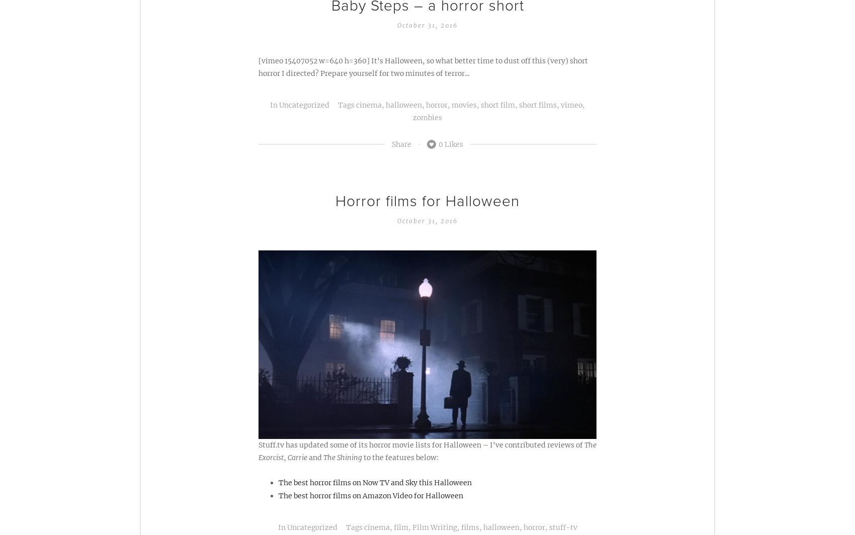 This screenshot has width=855, height=535. What do you see at coordinates (374, 483) in the screenshot?
I see `'The best horror films on Now TV and Sky this Halloween'` at bounding box center [374, 483].